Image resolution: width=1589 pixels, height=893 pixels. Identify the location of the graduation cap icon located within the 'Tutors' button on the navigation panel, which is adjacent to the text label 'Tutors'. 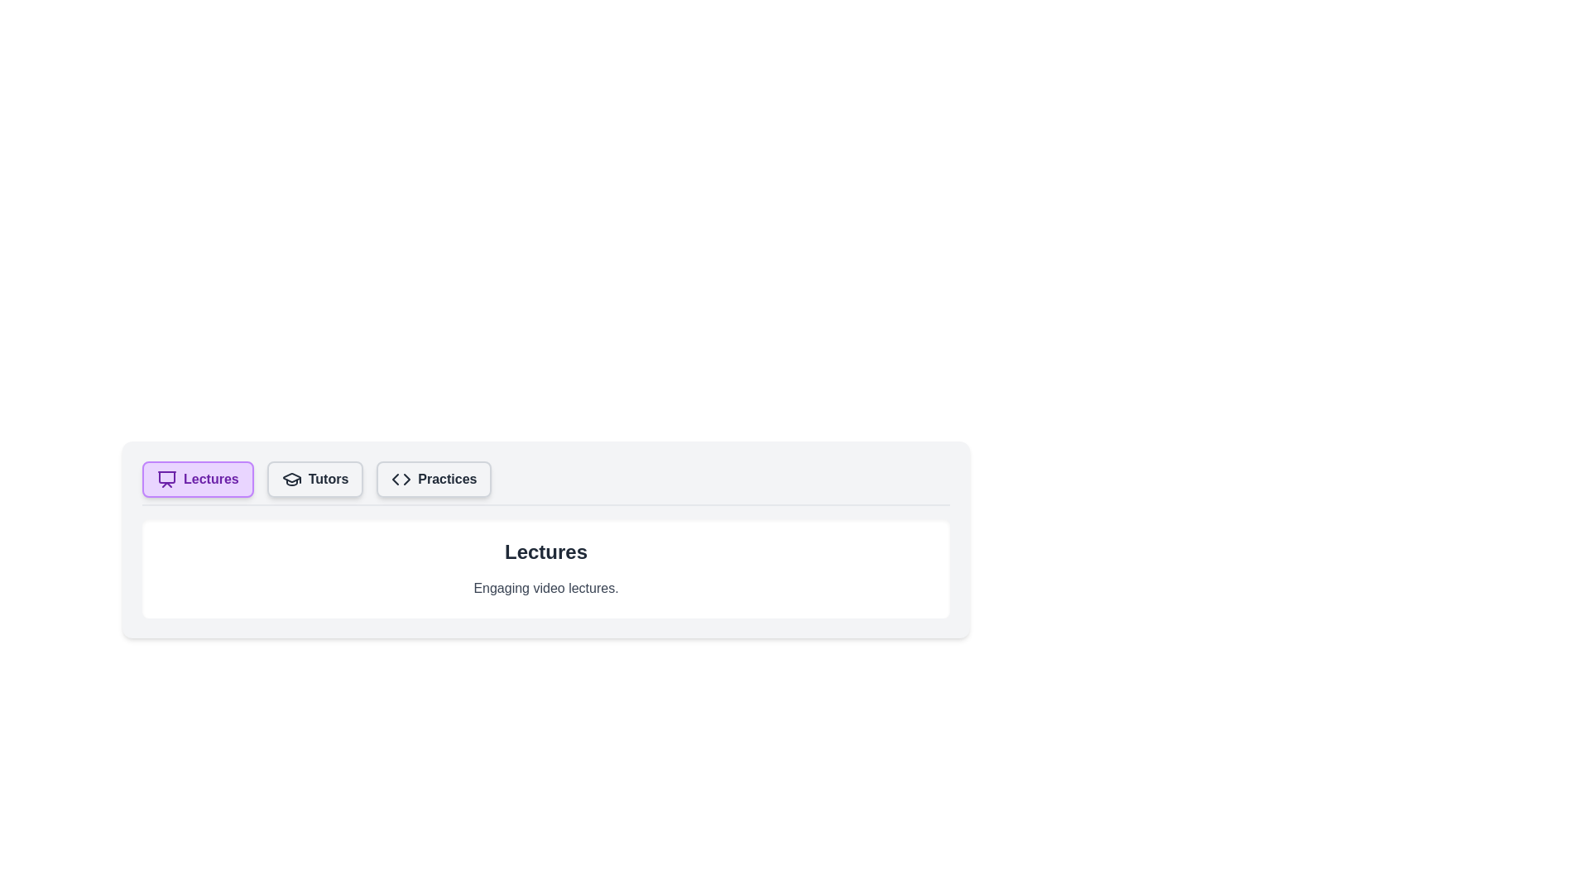
(291, 479).